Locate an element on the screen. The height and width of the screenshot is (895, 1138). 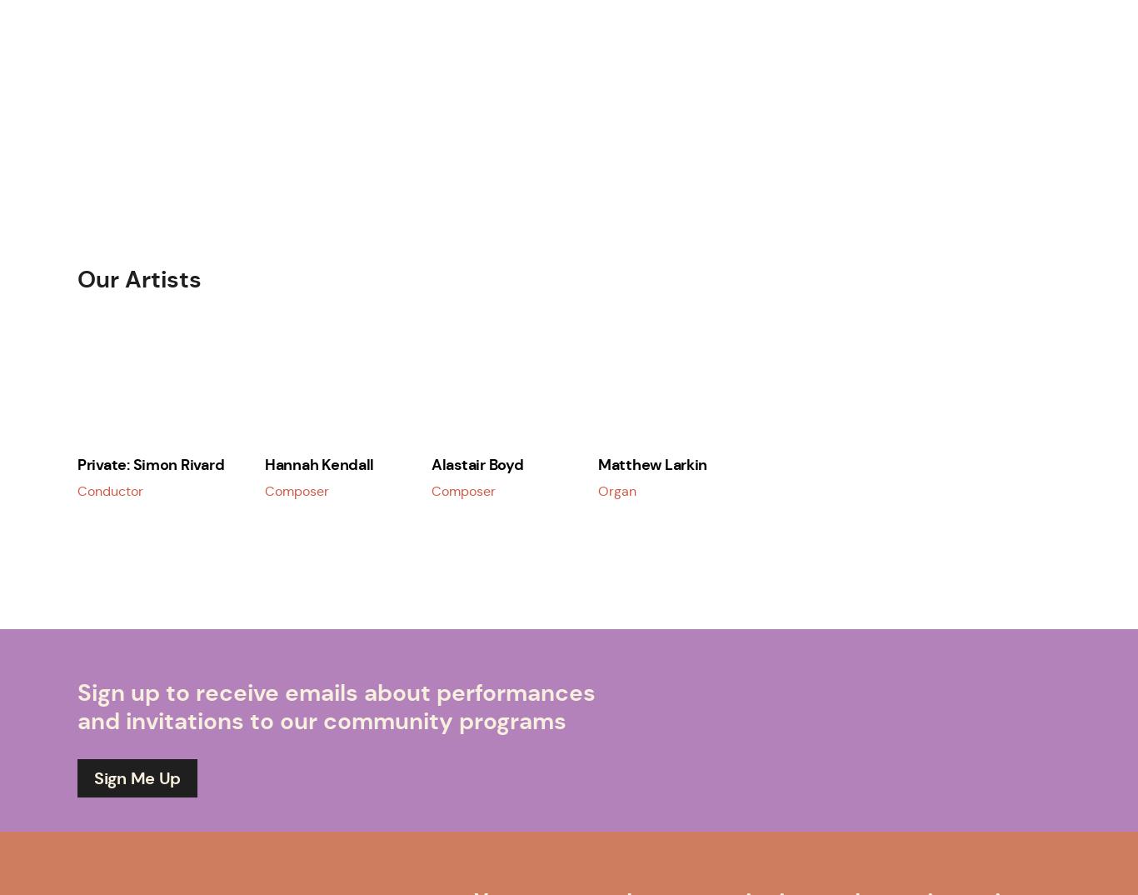
'Hannah Kendall' is located at coordinates (265, 462).